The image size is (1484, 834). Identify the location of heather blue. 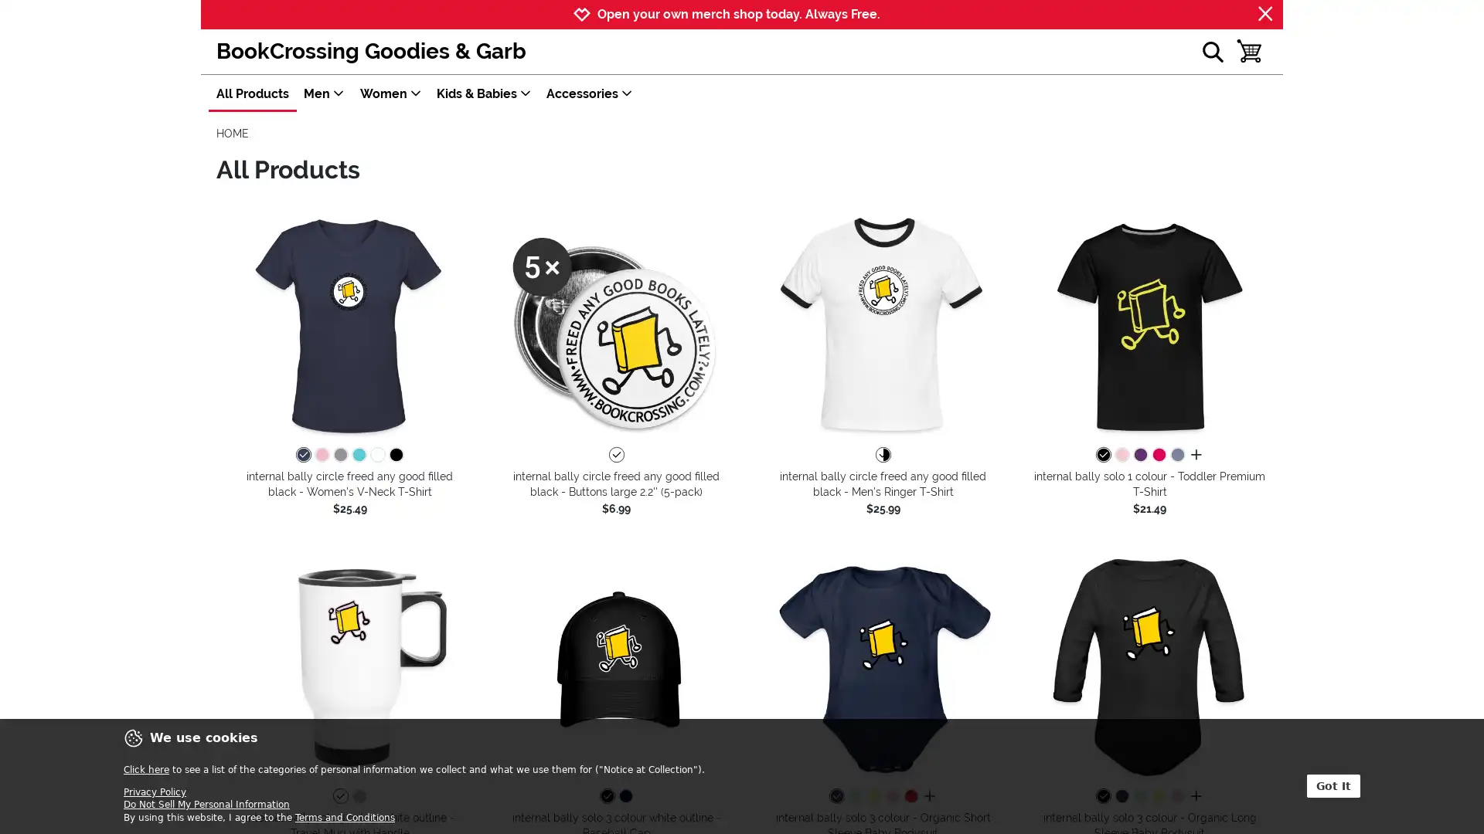
(1176, 455).